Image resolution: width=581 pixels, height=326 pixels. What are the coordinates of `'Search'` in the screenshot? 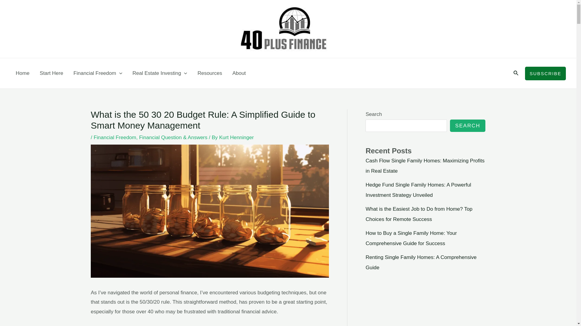 It's located at (516, 73).